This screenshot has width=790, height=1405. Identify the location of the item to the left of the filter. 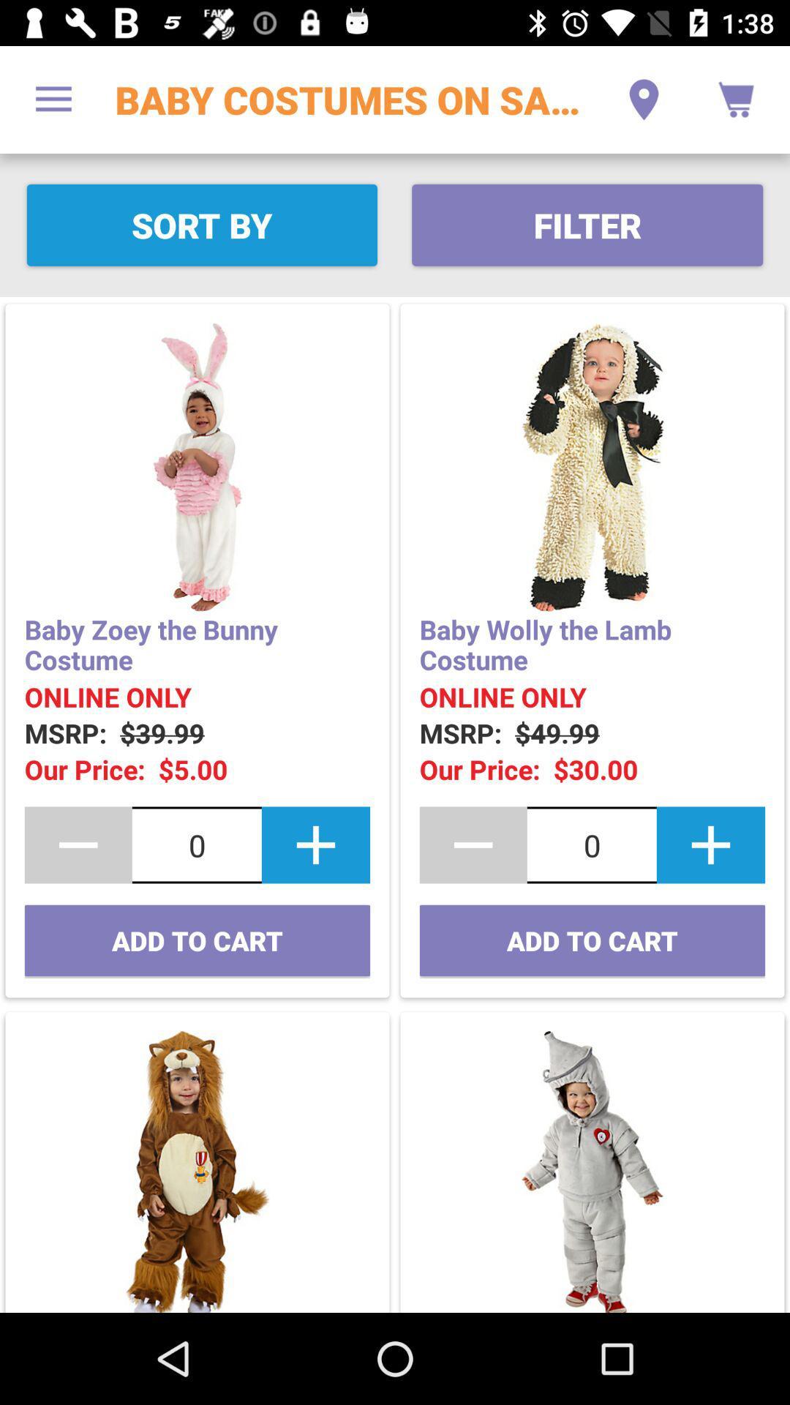
(202, 224).